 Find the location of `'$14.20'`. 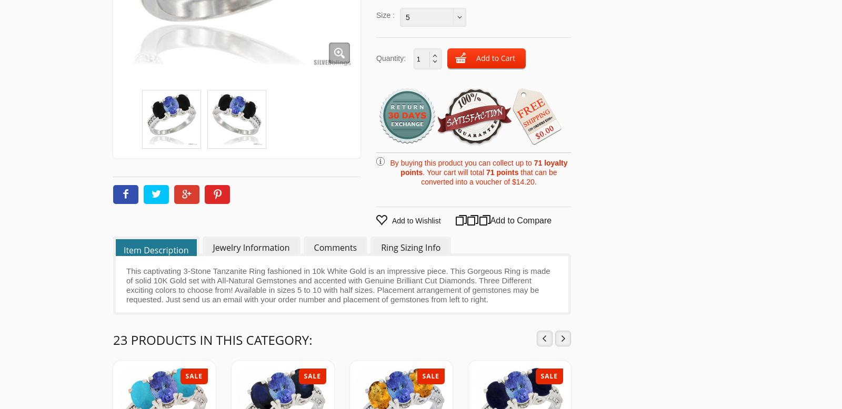

'$14.20' is located at coordinates (523, 181).